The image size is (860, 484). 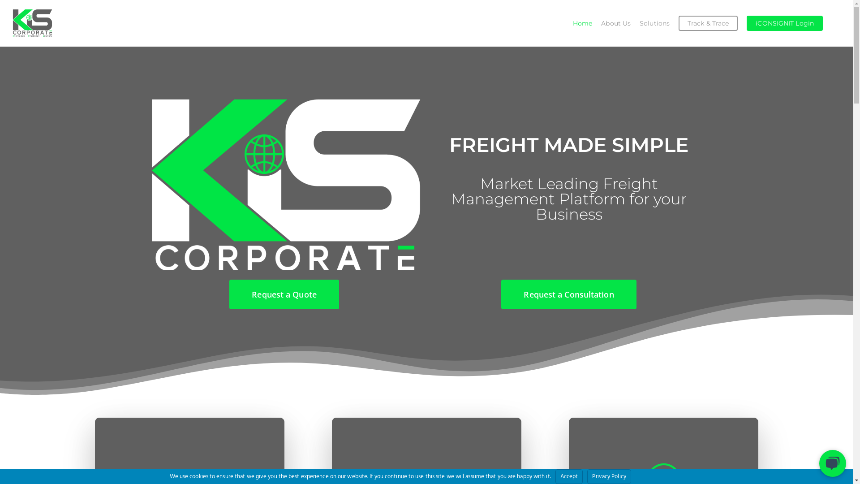 What do you see at coordinates (654, 22) in the screenshot?
I see `'Solutions'` at bounding box center [654, 22].